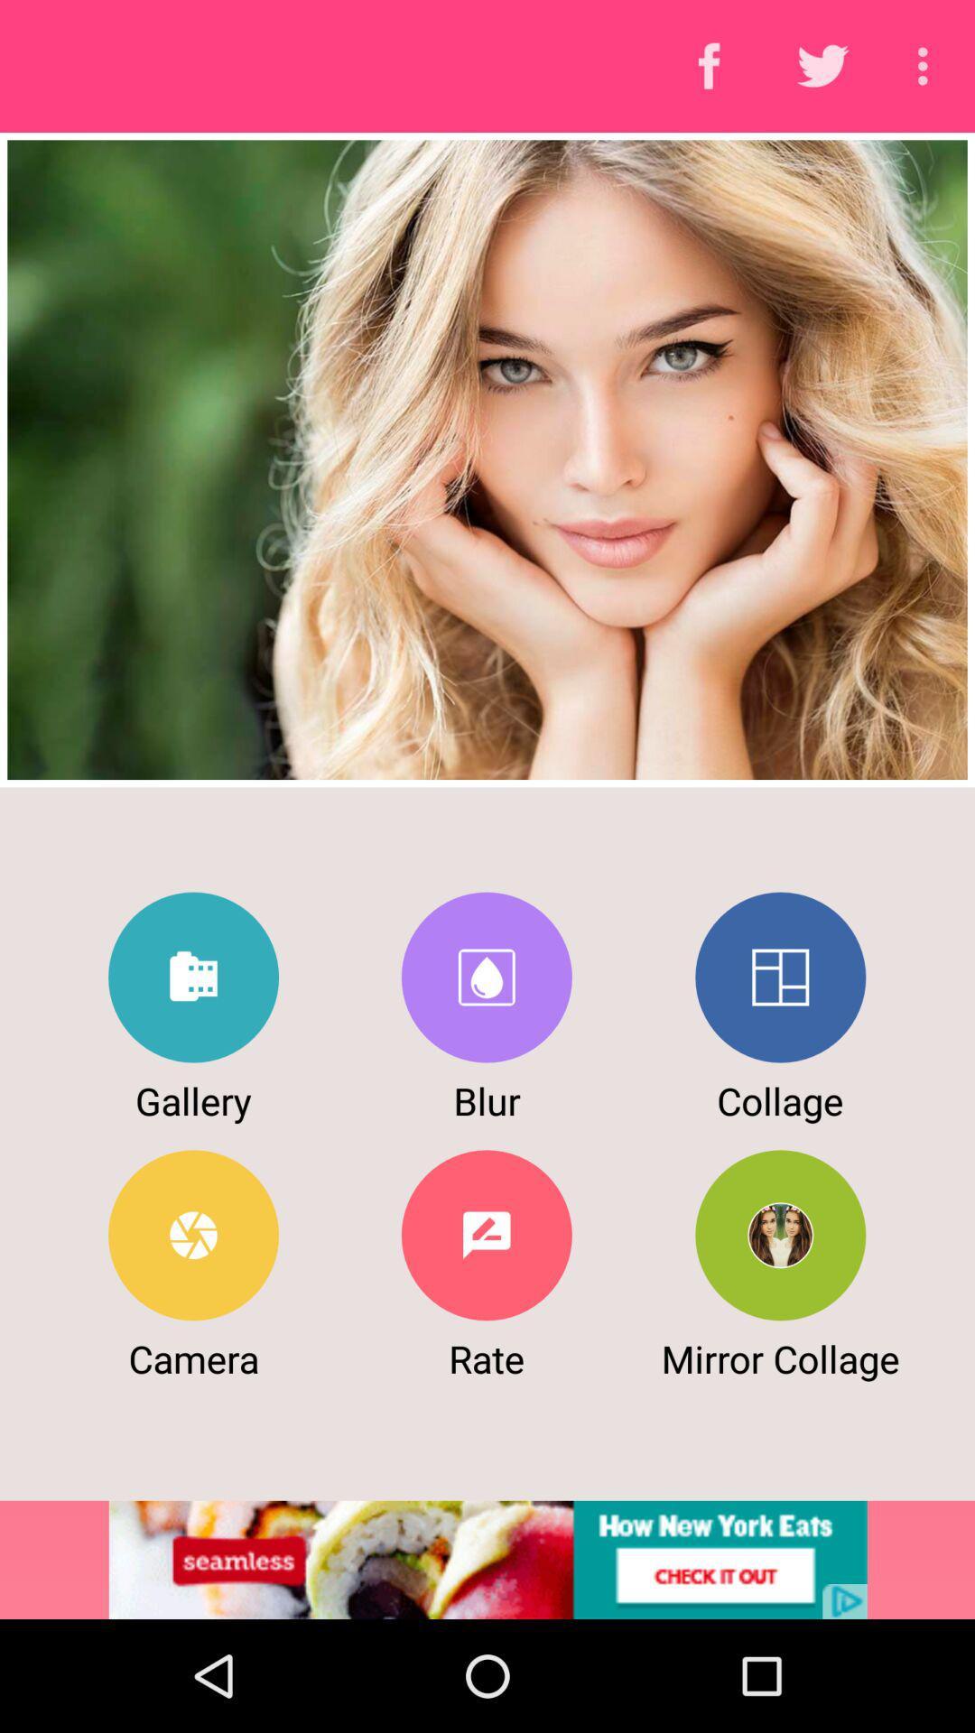 Image resolution: width=975 pixels, height=1733 pixels. What do you see at coordinates (486, 977) in the screenshot?
I see `apply blur to photo` at bounding box center [486, 977].